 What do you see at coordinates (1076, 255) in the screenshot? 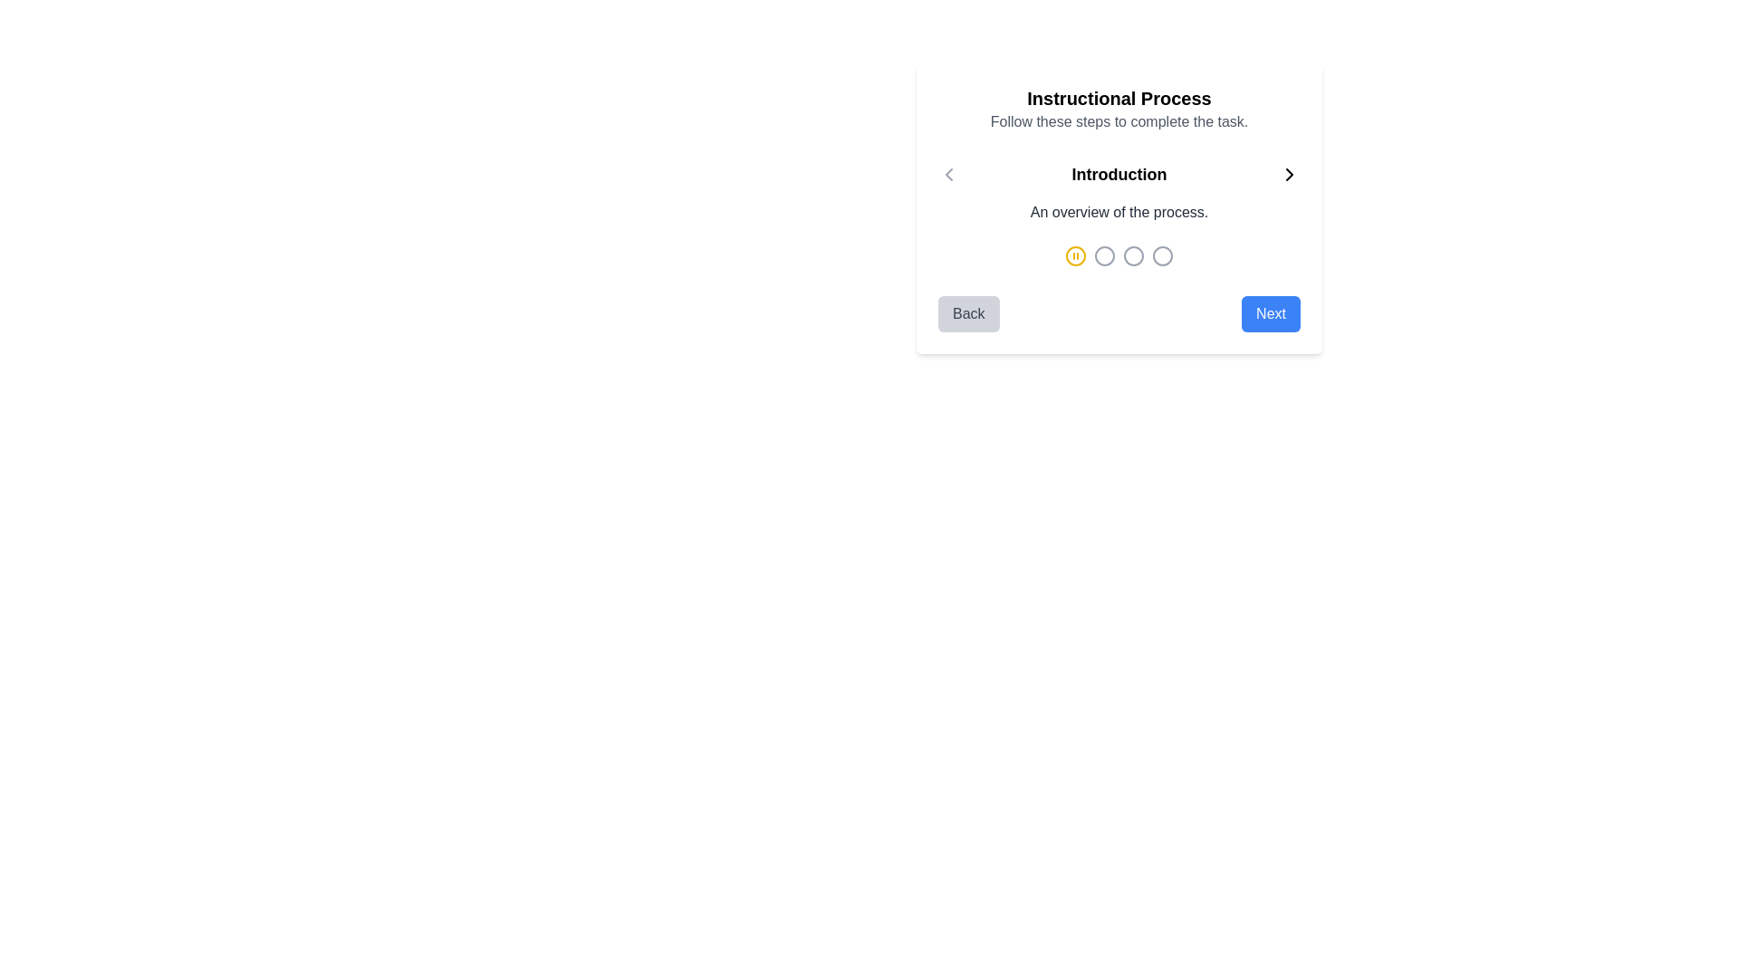
I see `the Step indicator icon, which is the second circular icon from the left in a horizontal row at the bottom center of the dialog box` at bounding box center [1076, 255].